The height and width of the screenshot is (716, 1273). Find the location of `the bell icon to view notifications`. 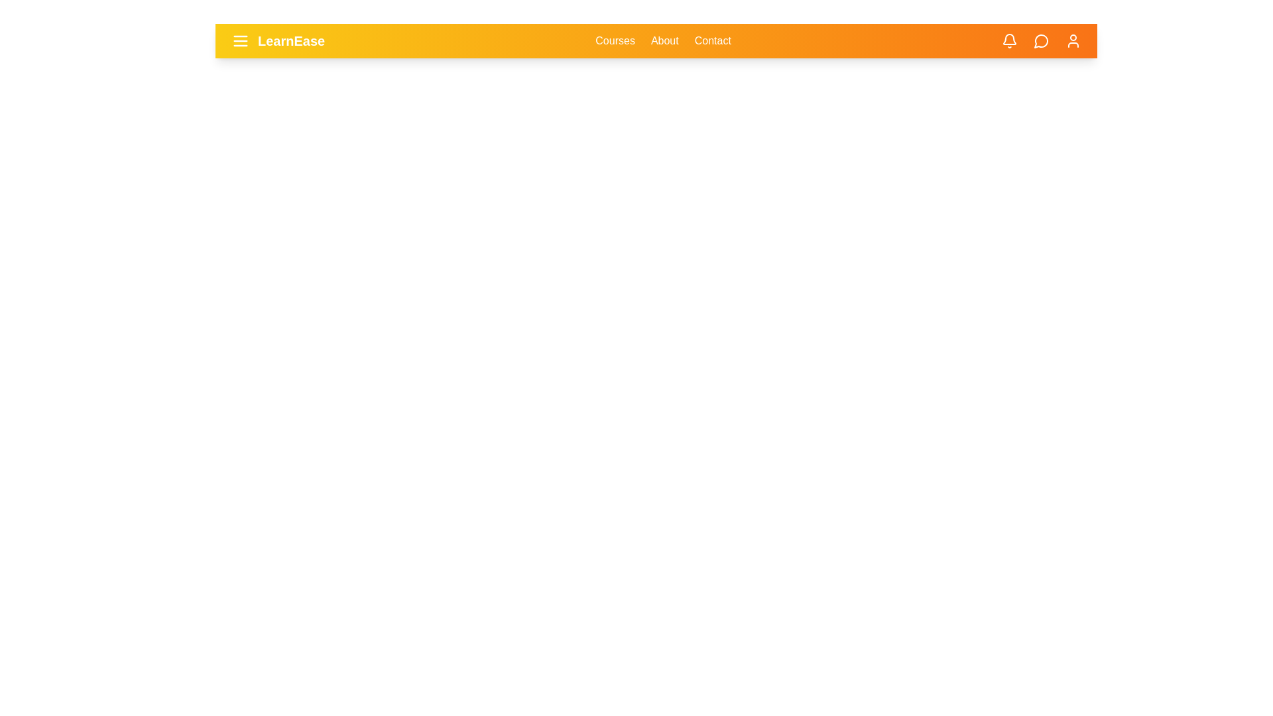

the bell icon to view notifications is located at coordinates (1008, 40).